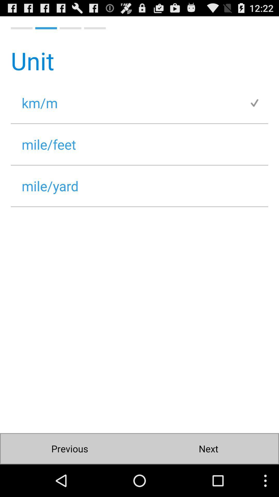 Image resolution: width=279 pixels, height=497 pixels. Describe the element at coordinates (130, 103) in the screenshot. I see `the km/m icon` at that location.